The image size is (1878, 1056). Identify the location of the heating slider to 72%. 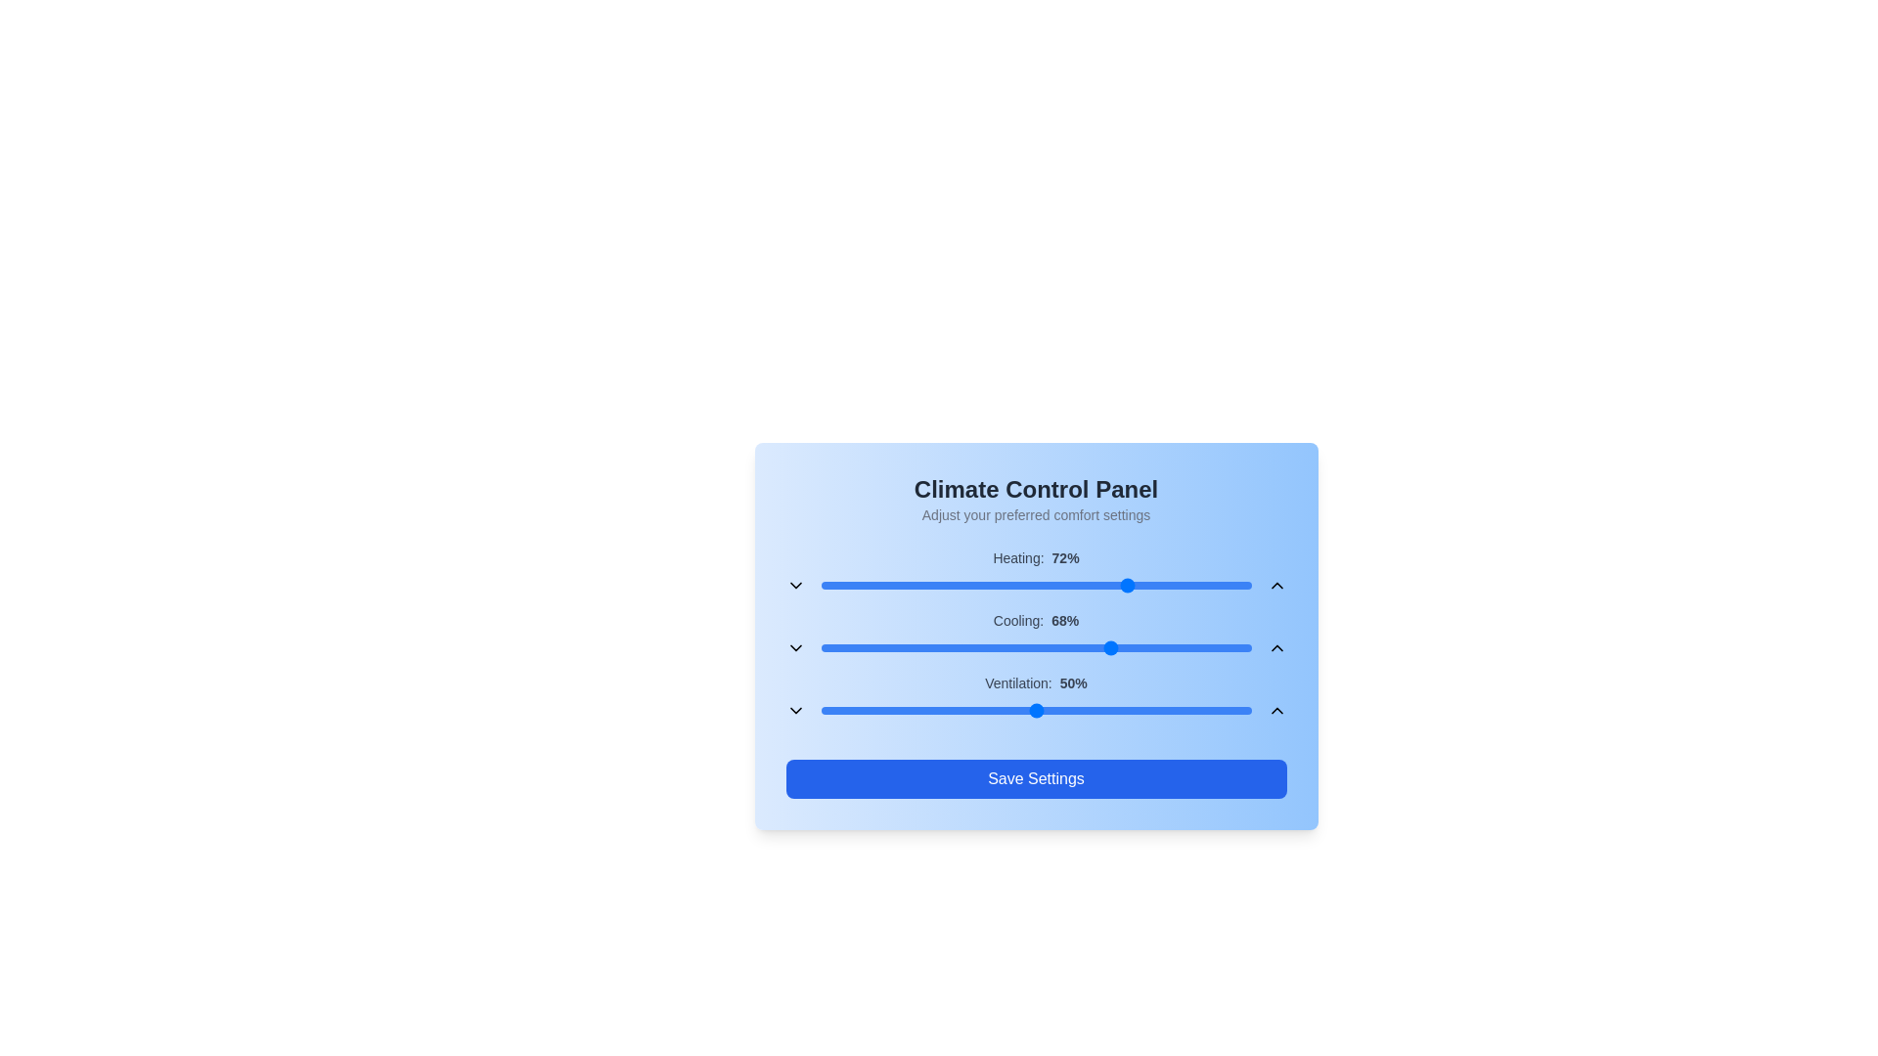
(1131, 584).